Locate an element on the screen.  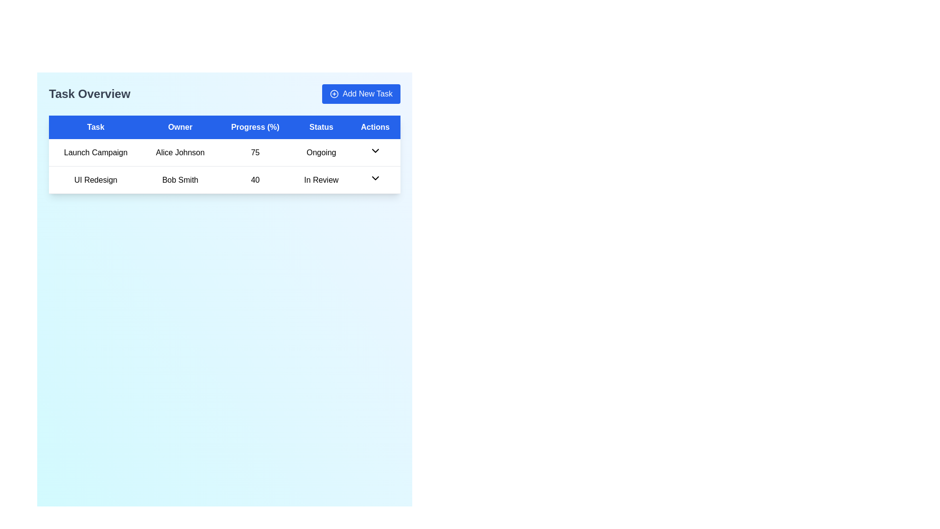
the first row of the table containing 'Launch Campaign', 'Alice Johnson', '75', and 'Ongoing' is located at coordinates (224, 166).